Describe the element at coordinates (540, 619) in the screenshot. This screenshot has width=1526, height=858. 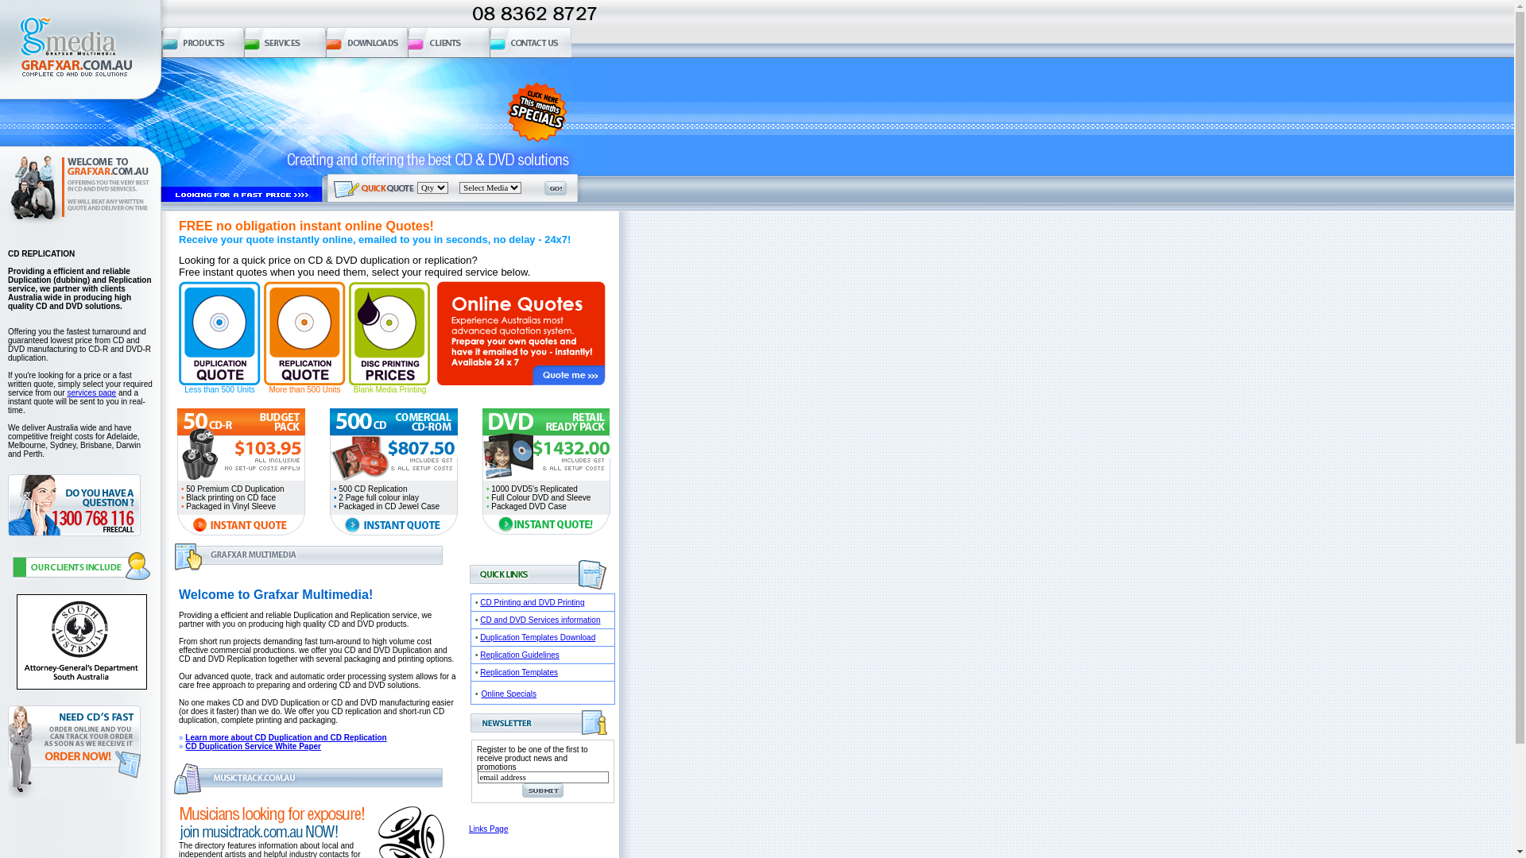
I see `'CD and DVD Services information'` at that location.